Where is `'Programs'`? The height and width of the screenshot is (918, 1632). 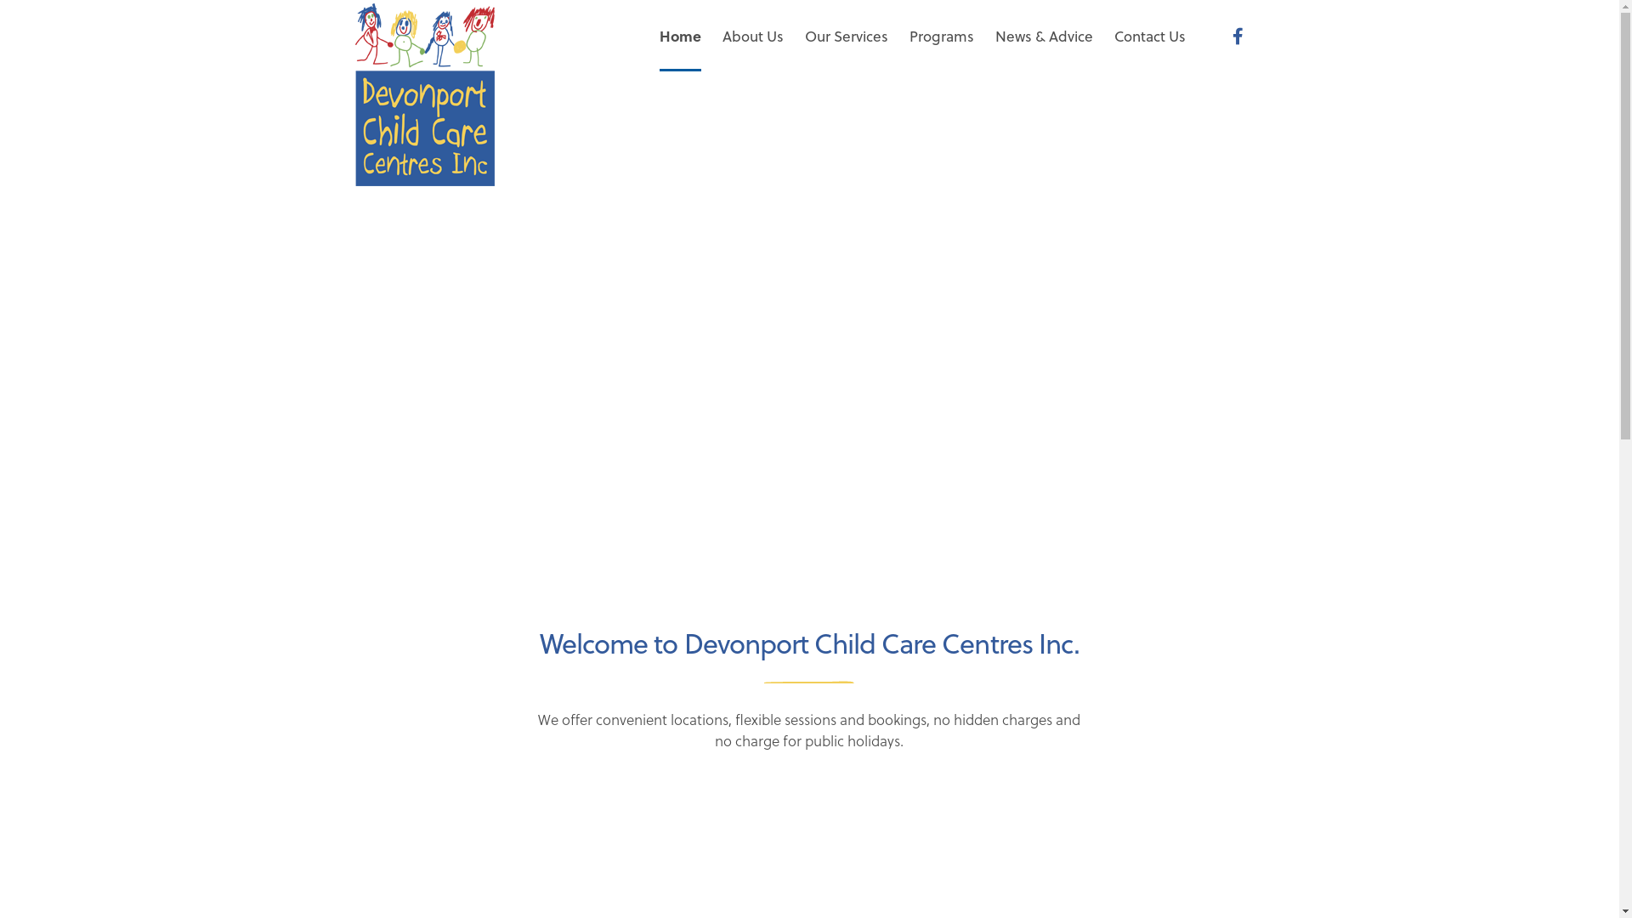
'Programs' is located at coordinates (941, 36).